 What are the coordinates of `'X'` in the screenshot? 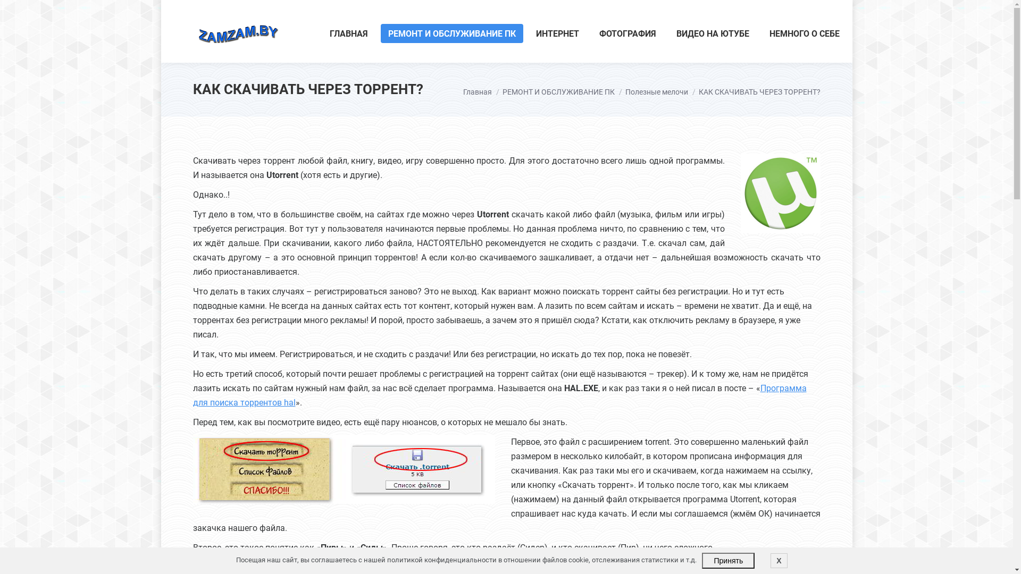 It's located at (779, 560).